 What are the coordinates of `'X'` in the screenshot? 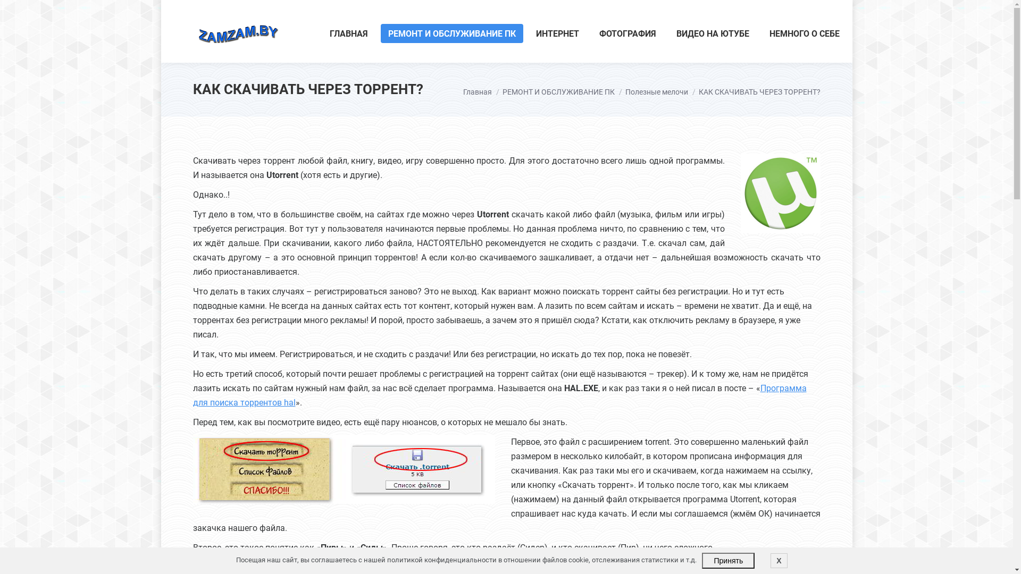 It's located at (779, 560).